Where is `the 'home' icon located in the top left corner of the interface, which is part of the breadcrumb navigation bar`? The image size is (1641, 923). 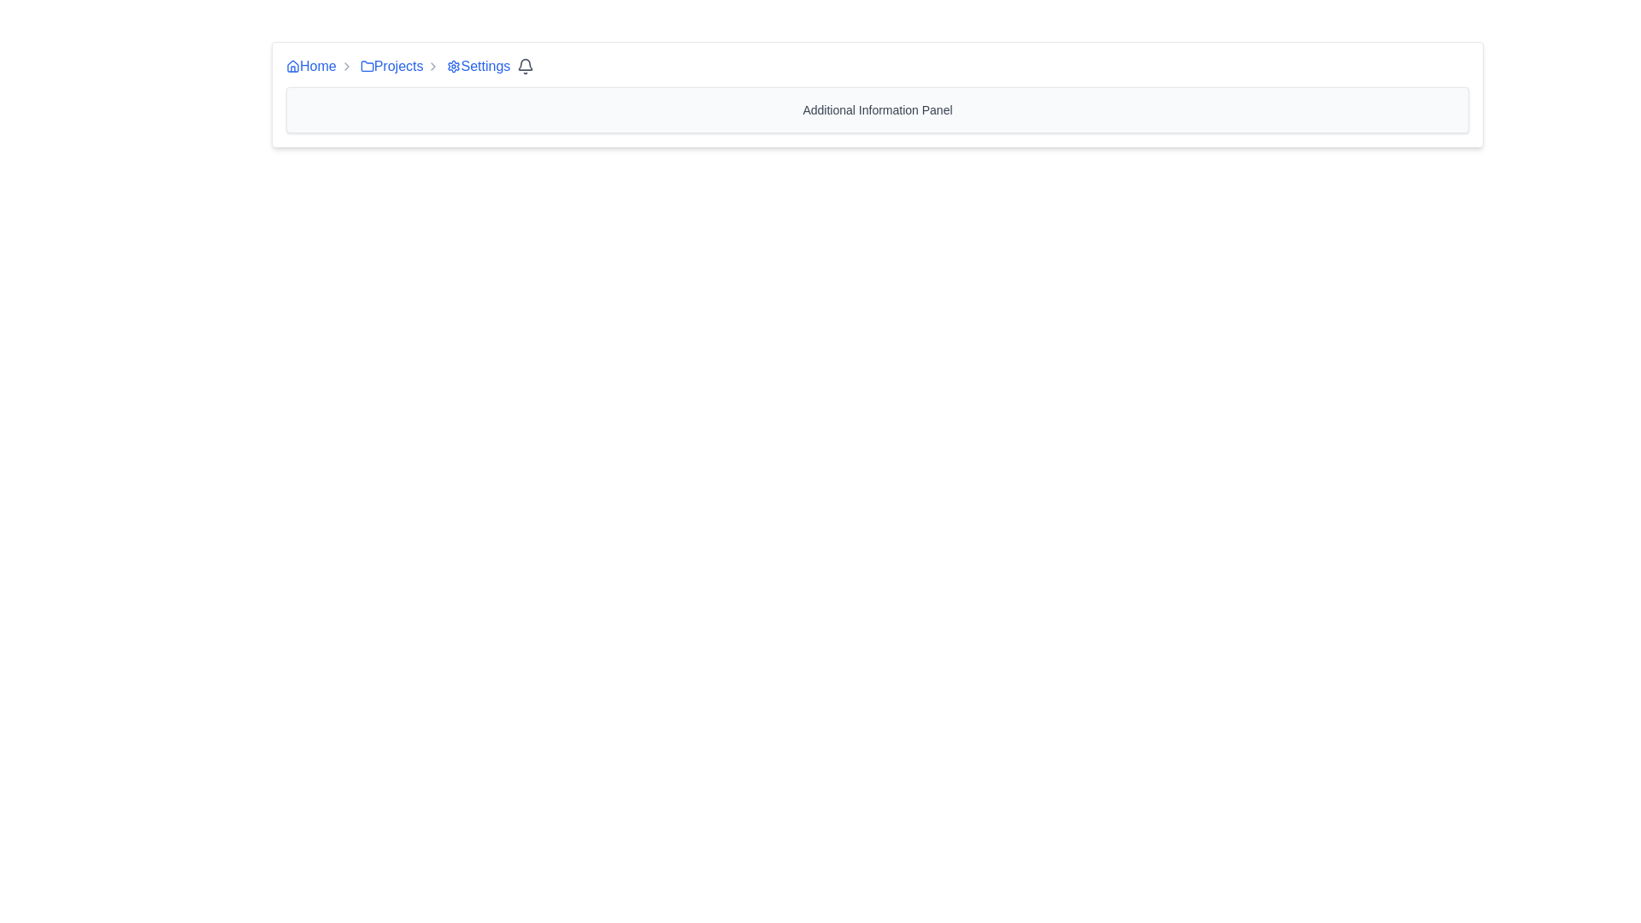 the 'home' icon located in the top left corner of the interface, which is part of the breadcrumb navigation bar is located at coordinates (292, 65).